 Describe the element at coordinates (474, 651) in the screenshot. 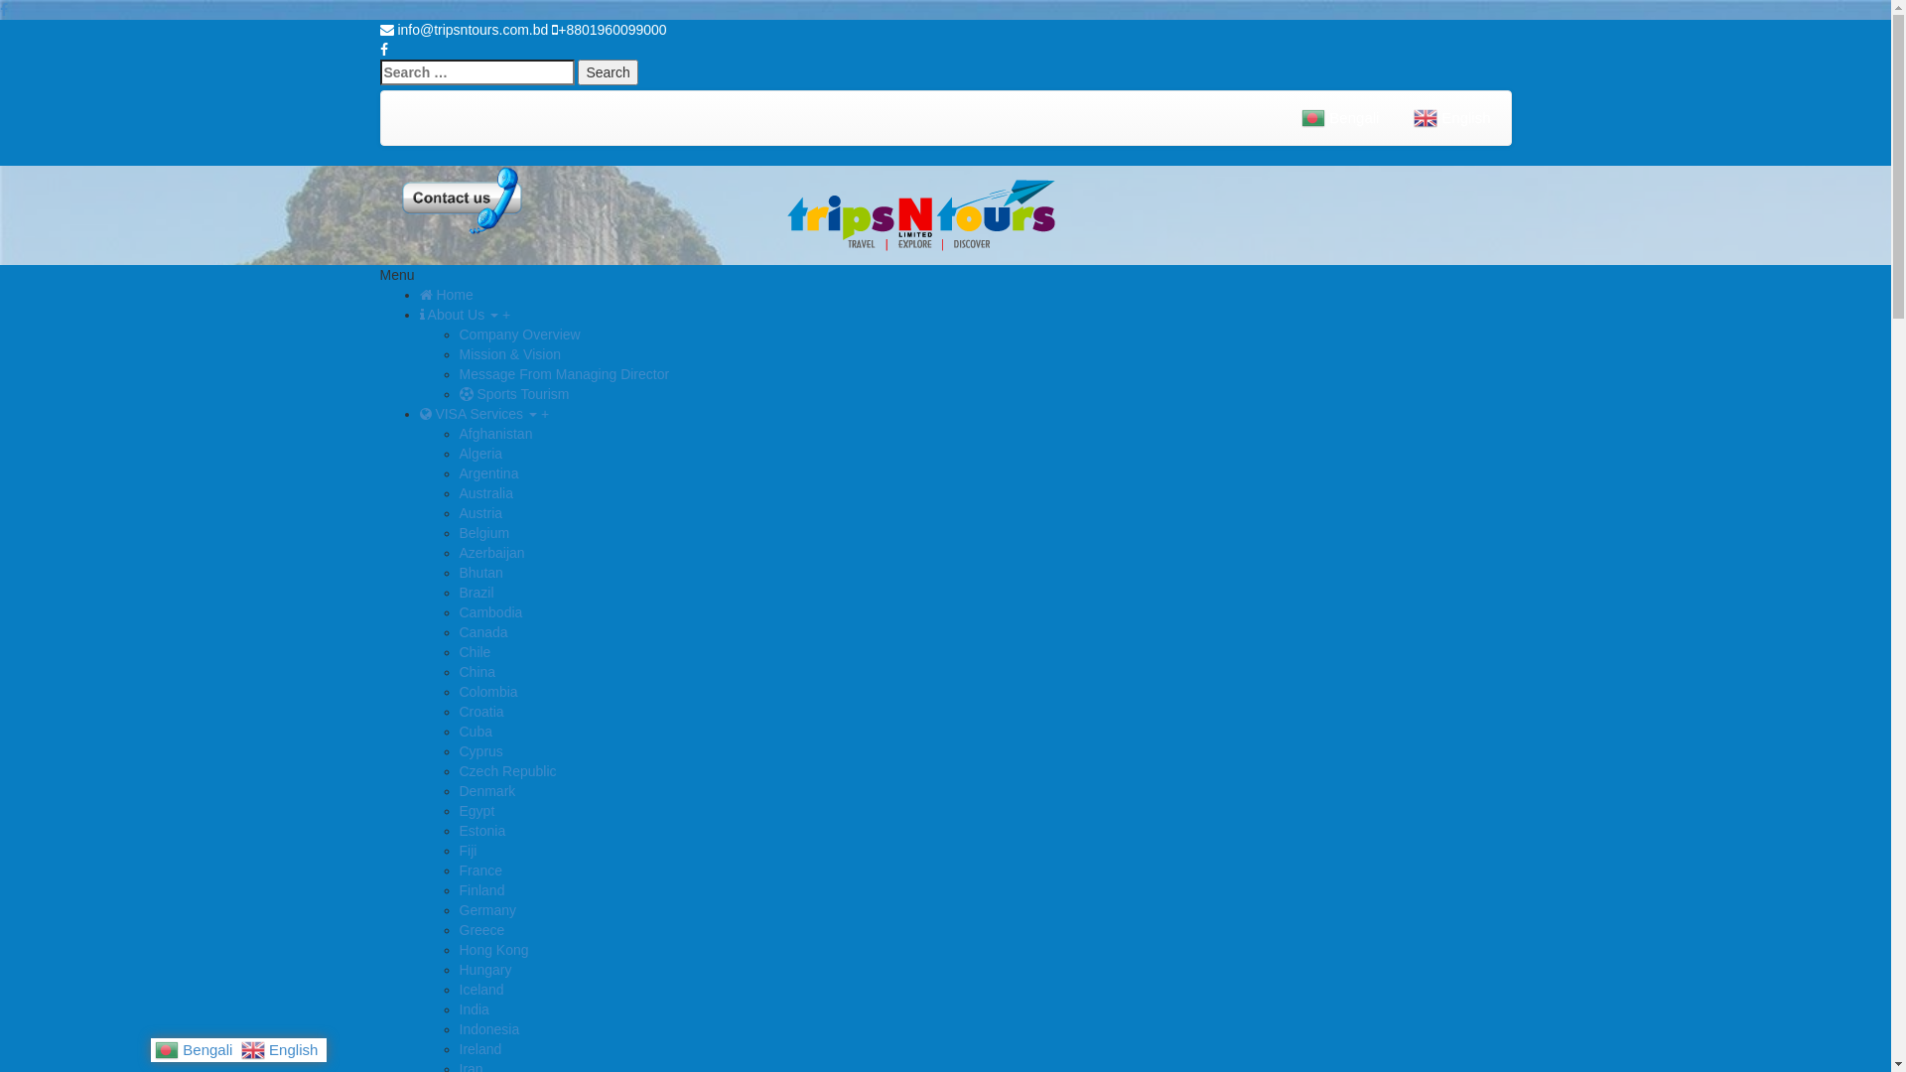

I see `'Chile'` at that location.